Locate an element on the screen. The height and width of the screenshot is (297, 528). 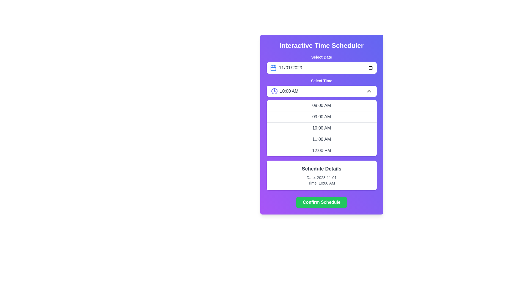
the 'Confirm Schedule' button with a green background and rounded corners is located at coordinates (321, 202).